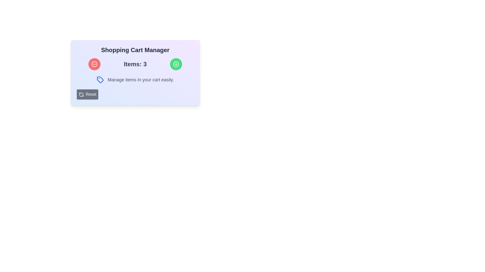 The width and height of the screenshot is (485, 272). I want to click on the circular plus icon with a green outline and white fill located at the top right of the main card under 'Shopping Cart Manager', so click(176, 64).